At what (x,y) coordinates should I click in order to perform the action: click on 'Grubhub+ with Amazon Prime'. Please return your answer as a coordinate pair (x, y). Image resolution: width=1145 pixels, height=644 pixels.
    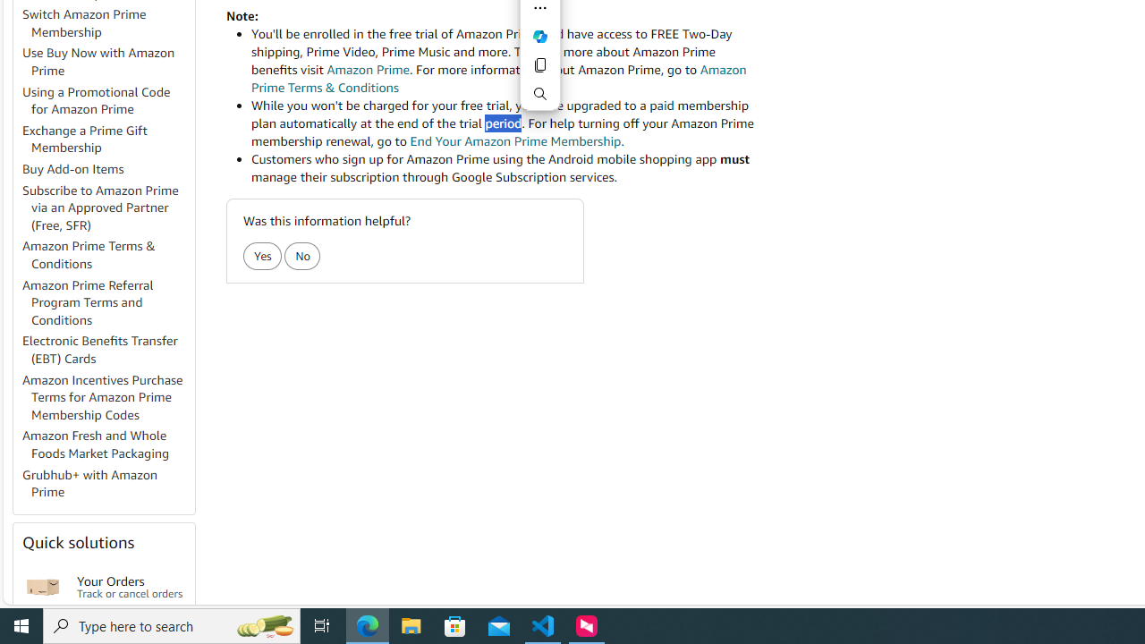
    Looking at the image, I should click on (106, 484).